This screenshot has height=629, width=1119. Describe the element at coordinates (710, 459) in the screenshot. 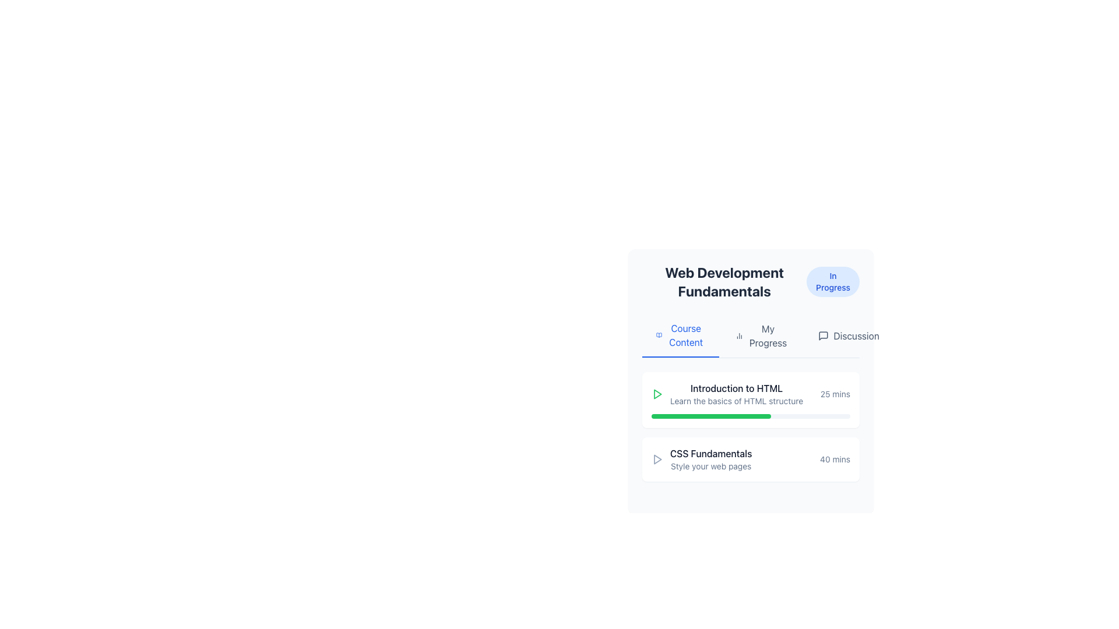

I see `the 'CSS Fundamentals' text display component, which is the second item in the list under 'Web Development Fundamentals'` at that location.